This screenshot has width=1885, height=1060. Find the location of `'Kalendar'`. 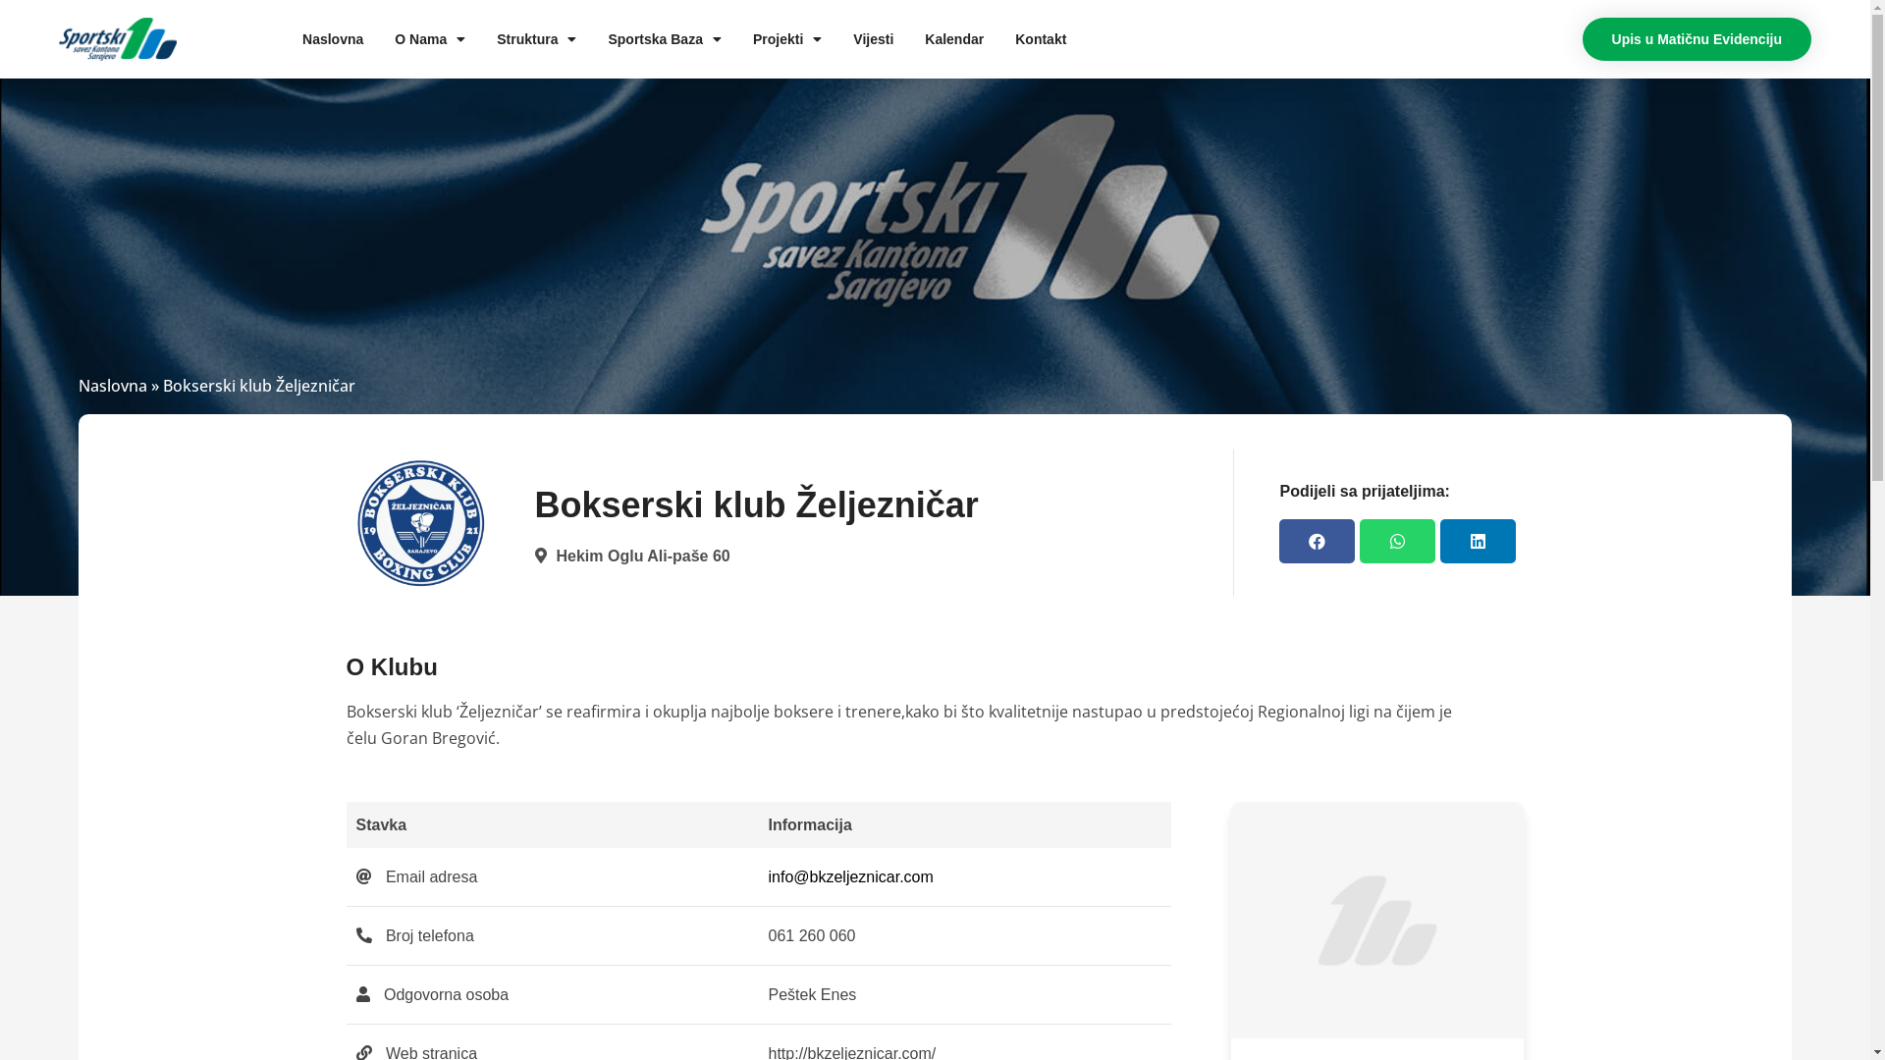

'Kalendar' is located at coordinates (953, 38).